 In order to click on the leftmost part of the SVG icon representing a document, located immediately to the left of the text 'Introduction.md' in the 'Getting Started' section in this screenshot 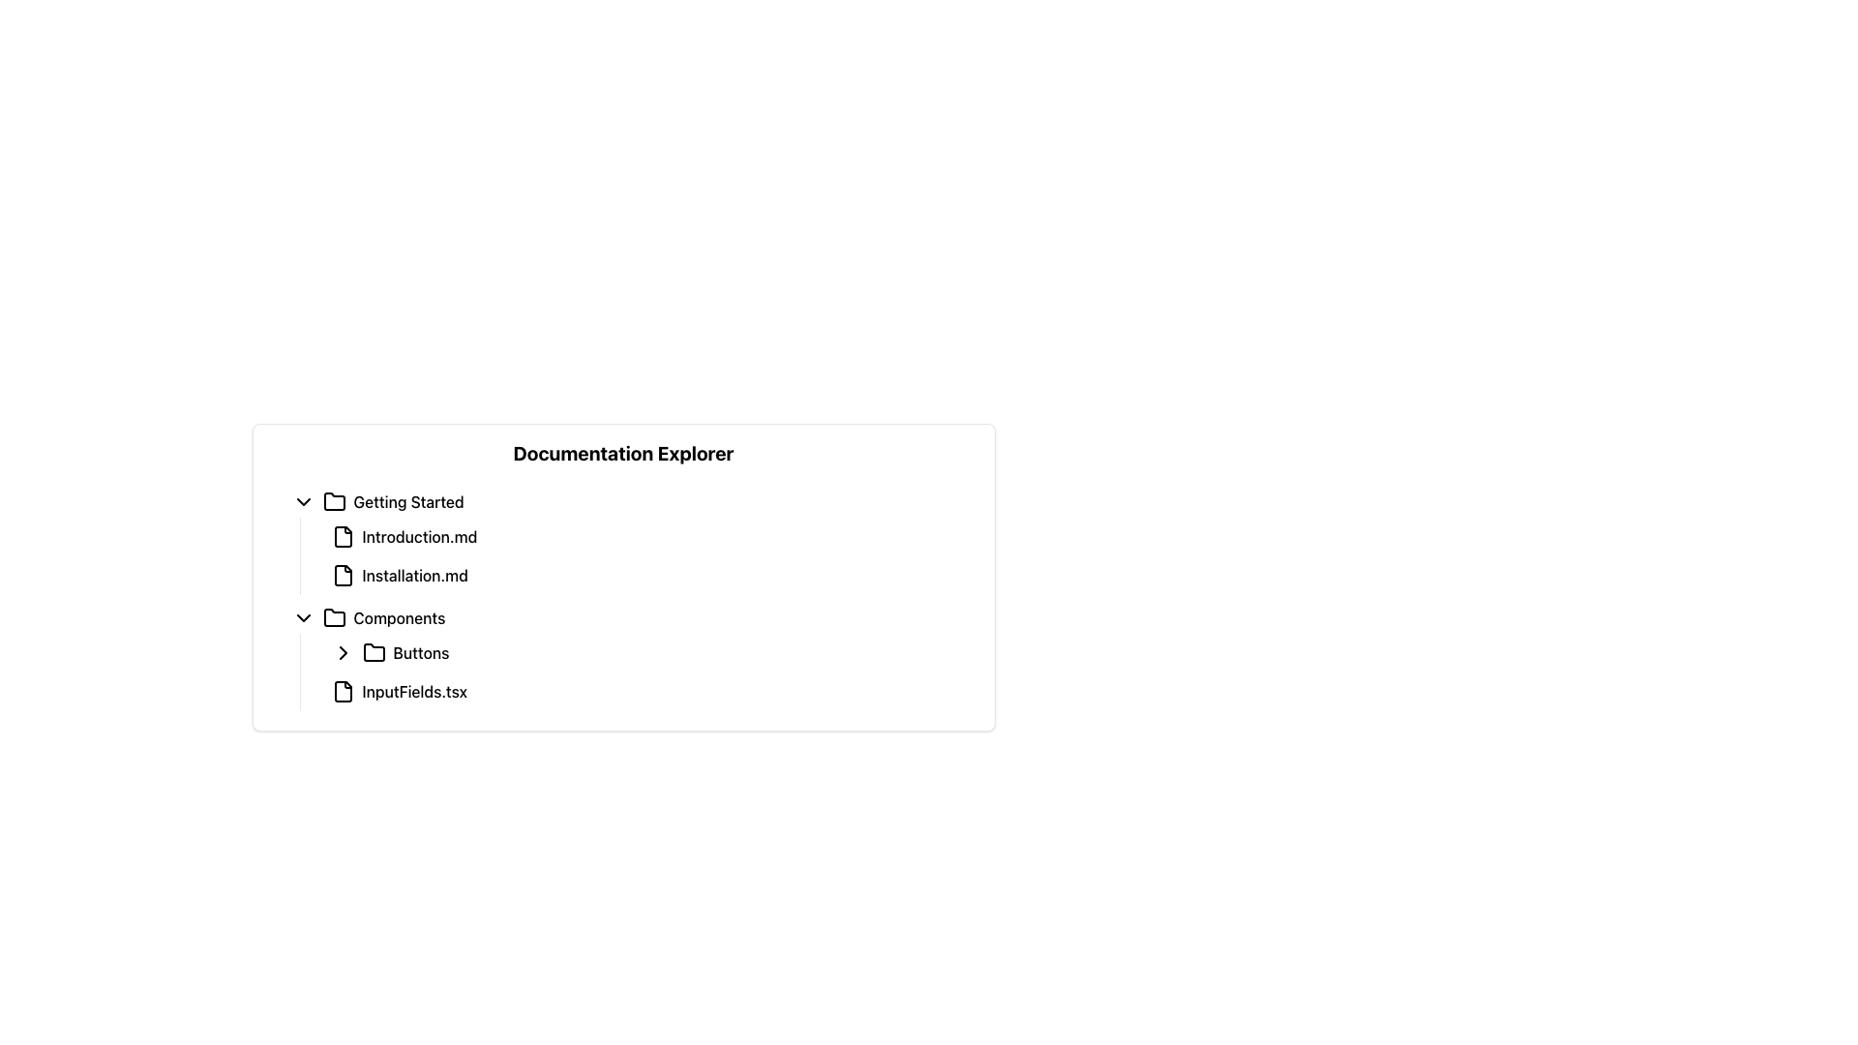, I will do `click(343, 537)`.